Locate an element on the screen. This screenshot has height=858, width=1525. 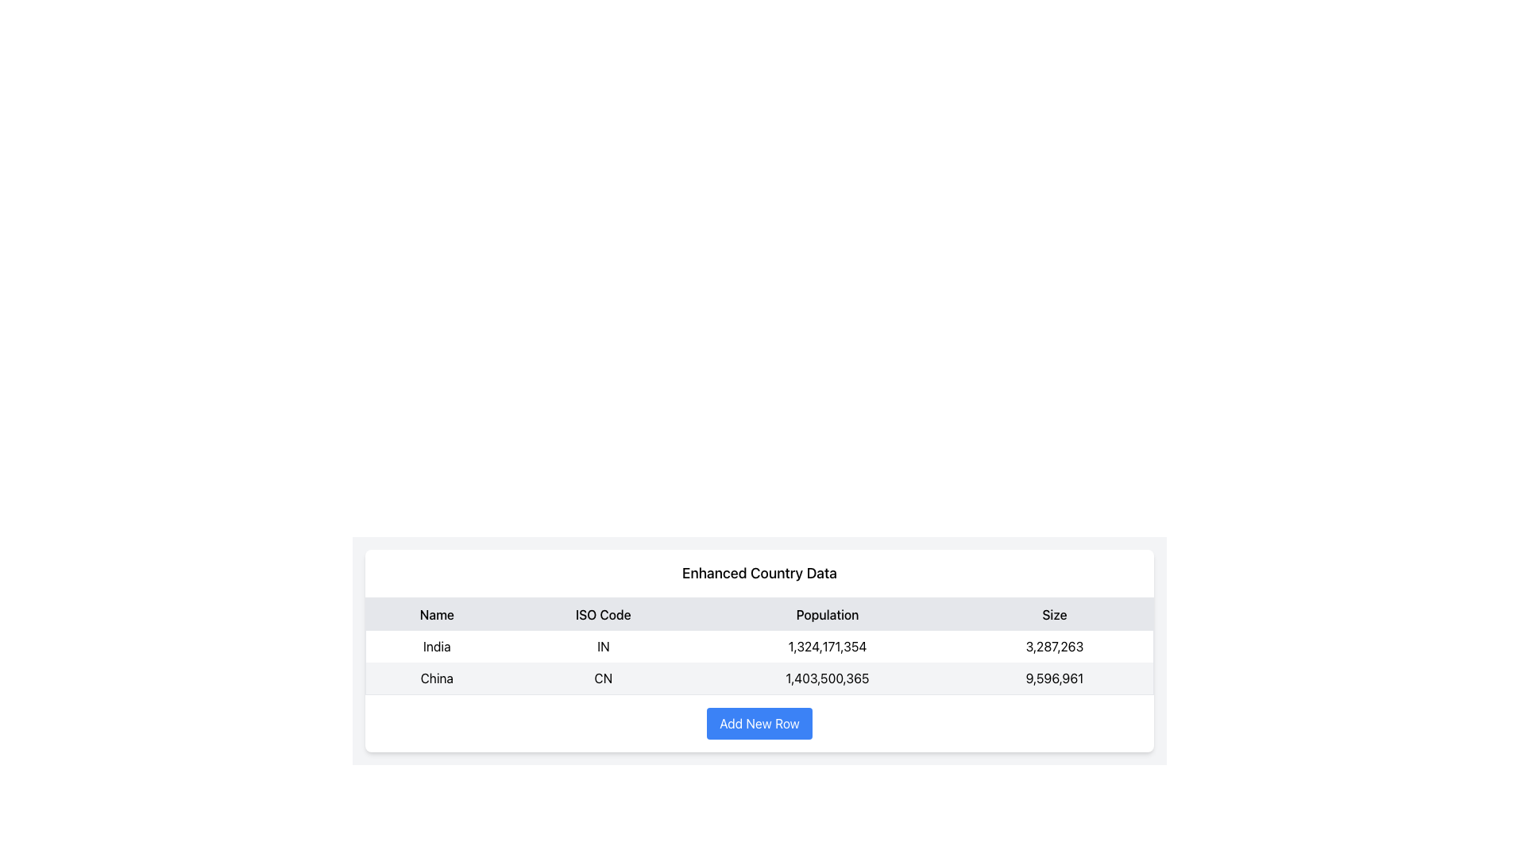
data in the table row representing 'China', which includes the values 'CN', '1,403,500,365', and '9,596,961' is located at coordinates (759, 678).